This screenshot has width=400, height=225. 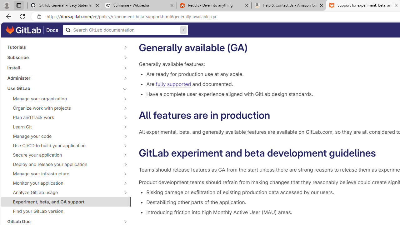 What do you see at coordinates (62, 155) in the screenshot?
I see `'Secure your application'` at bounding box center [62, 155].